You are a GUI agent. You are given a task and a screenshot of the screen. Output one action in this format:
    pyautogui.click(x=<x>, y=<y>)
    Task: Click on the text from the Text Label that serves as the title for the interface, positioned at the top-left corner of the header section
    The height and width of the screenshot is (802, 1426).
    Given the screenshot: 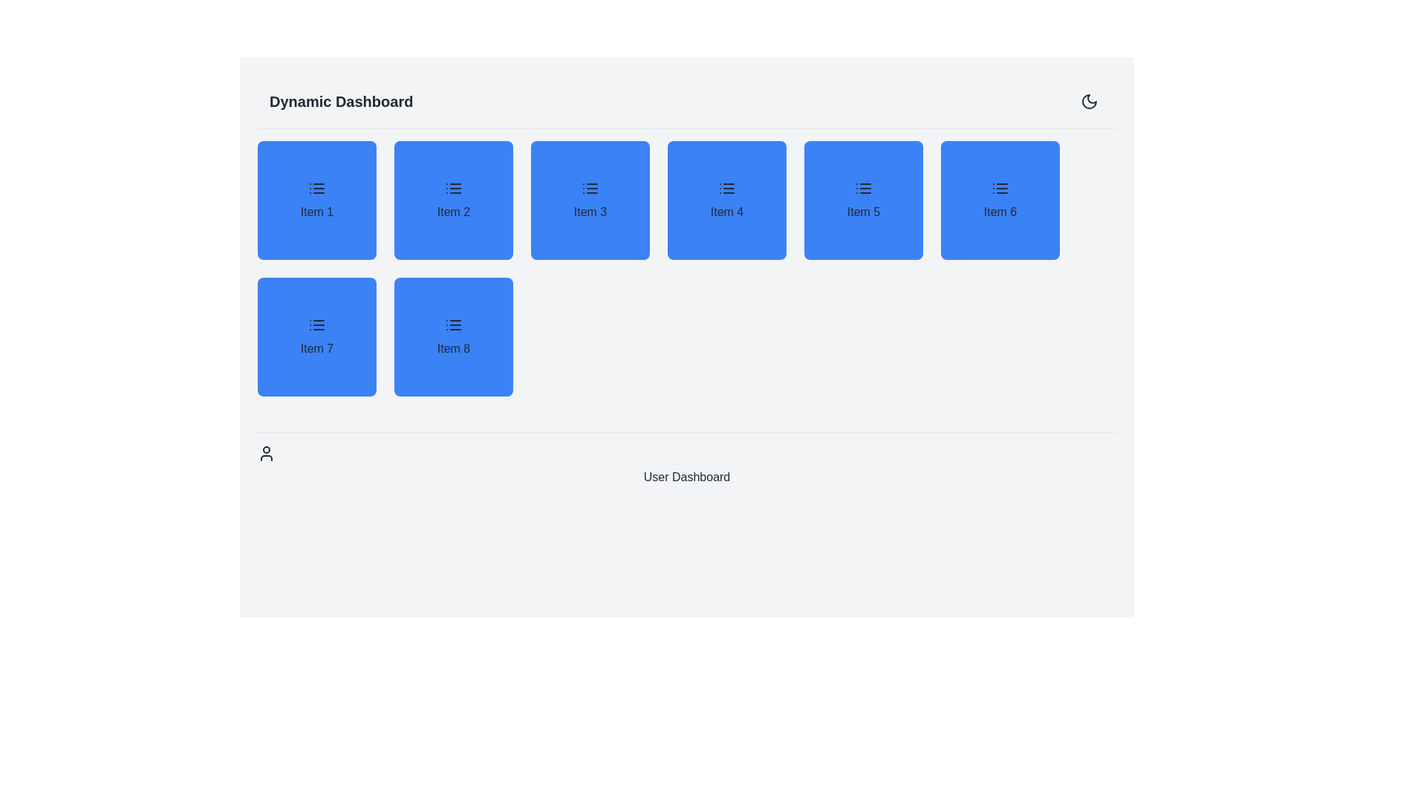 What is the action you would take?
    pyautogui.click(x=340, y=101)
    